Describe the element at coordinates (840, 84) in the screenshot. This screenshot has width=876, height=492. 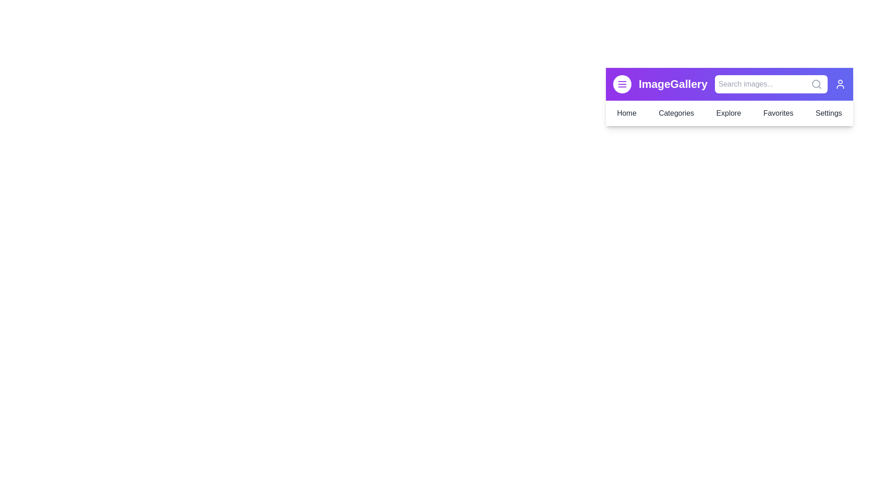
I see `user icon to access user-related actions` at that location.